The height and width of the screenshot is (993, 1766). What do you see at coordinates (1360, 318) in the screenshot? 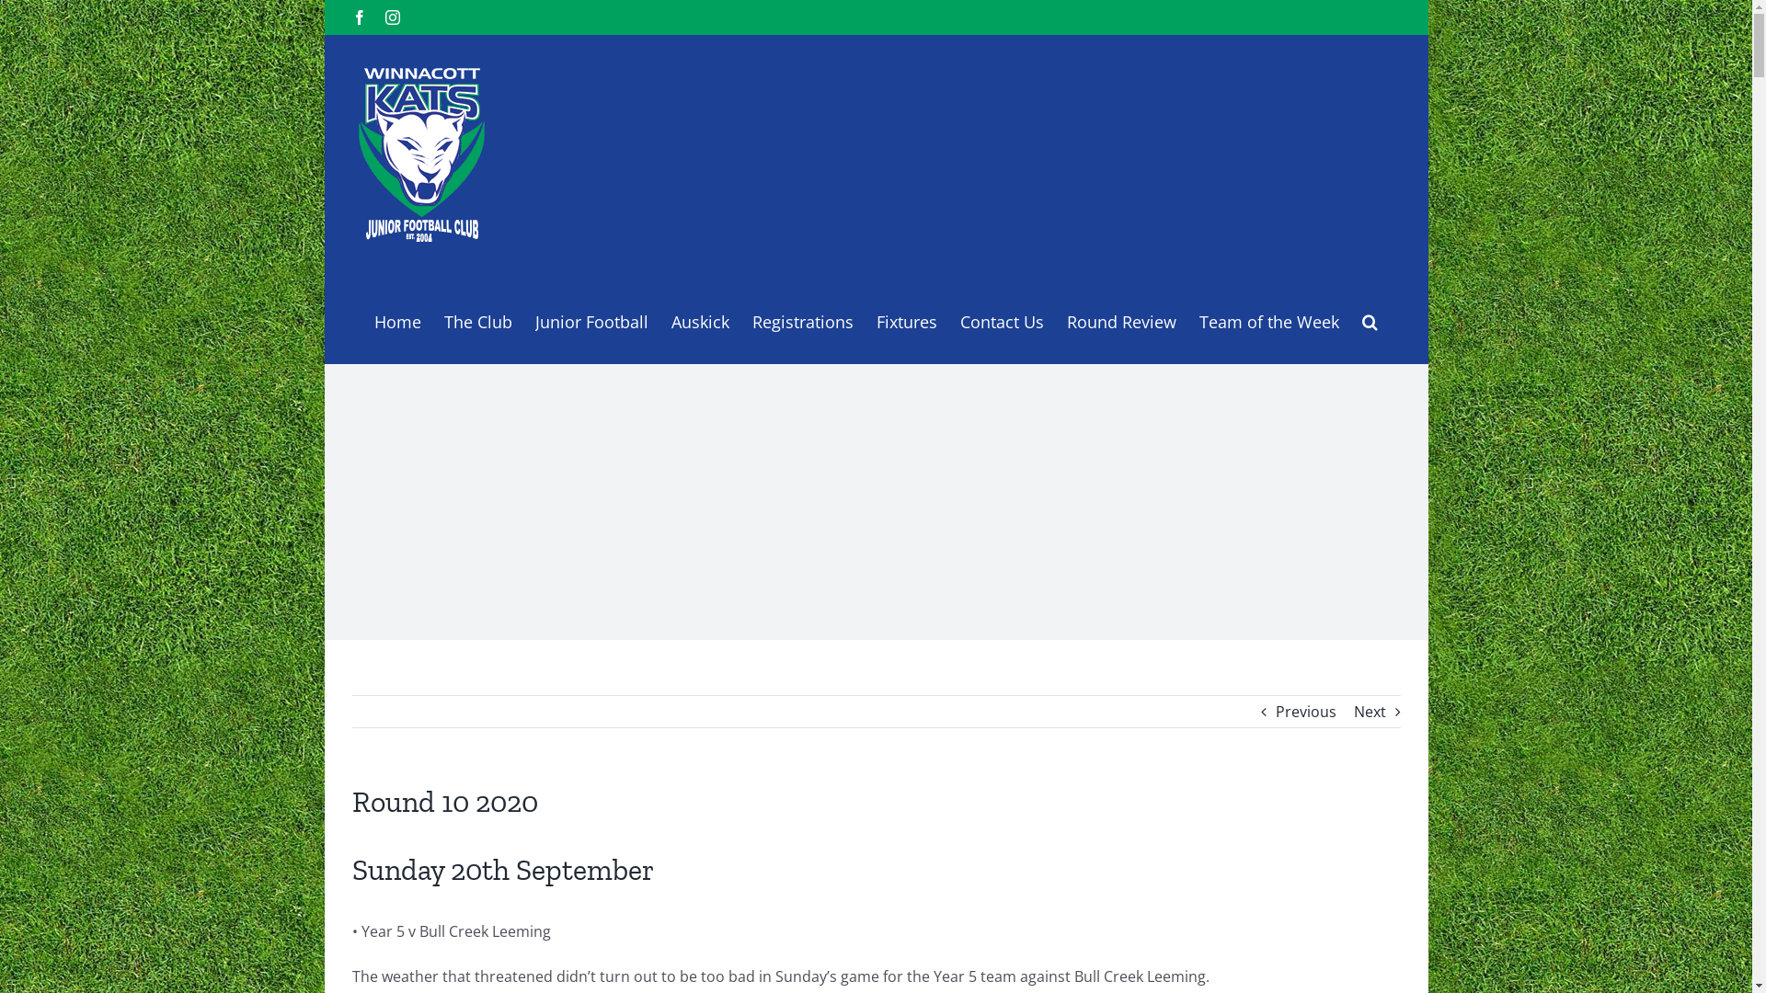
I see `'Search'` at bounding box center [1360, 318].